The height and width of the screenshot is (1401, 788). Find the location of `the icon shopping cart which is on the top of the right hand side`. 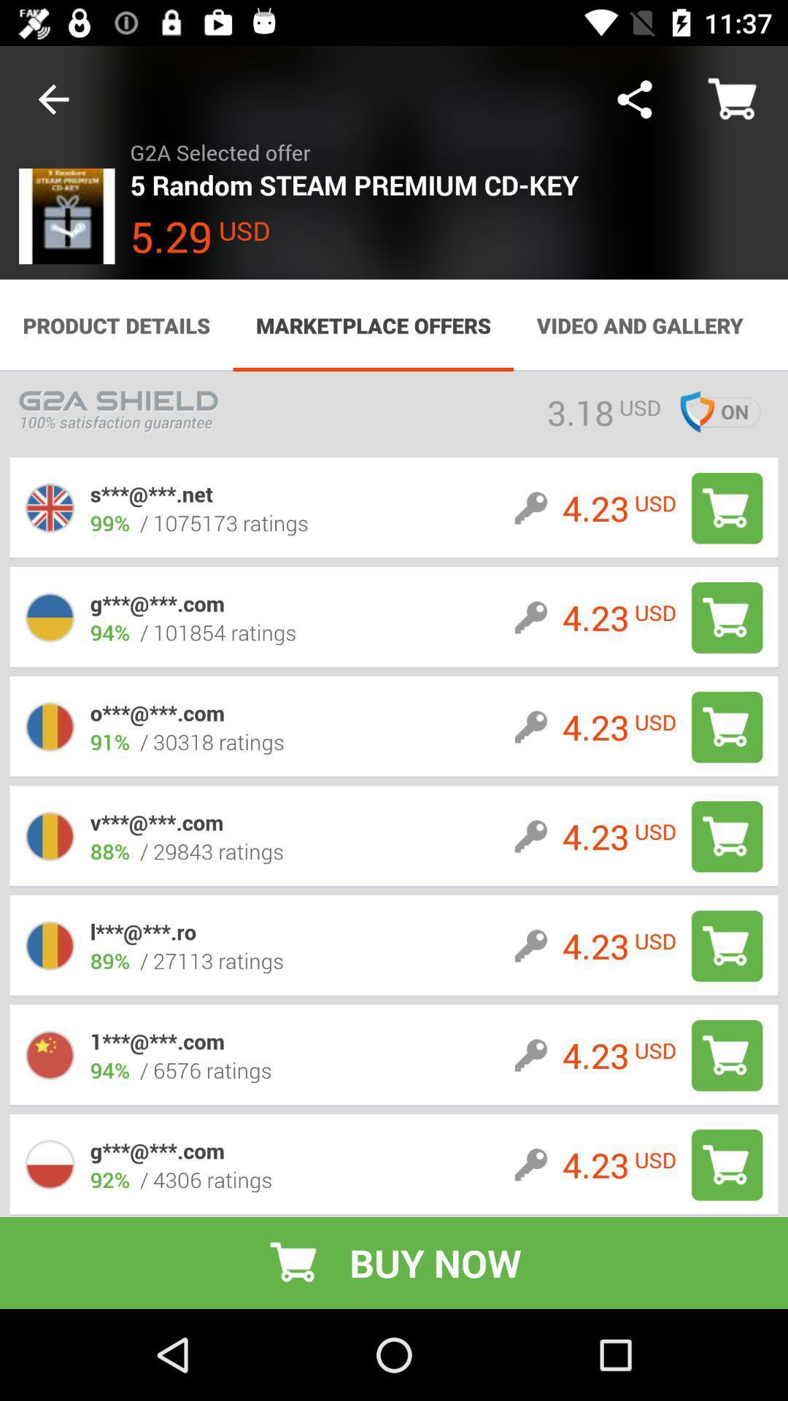

the icon shopping cart which is on the top of the right hand side is located at coordinates (734, 99).